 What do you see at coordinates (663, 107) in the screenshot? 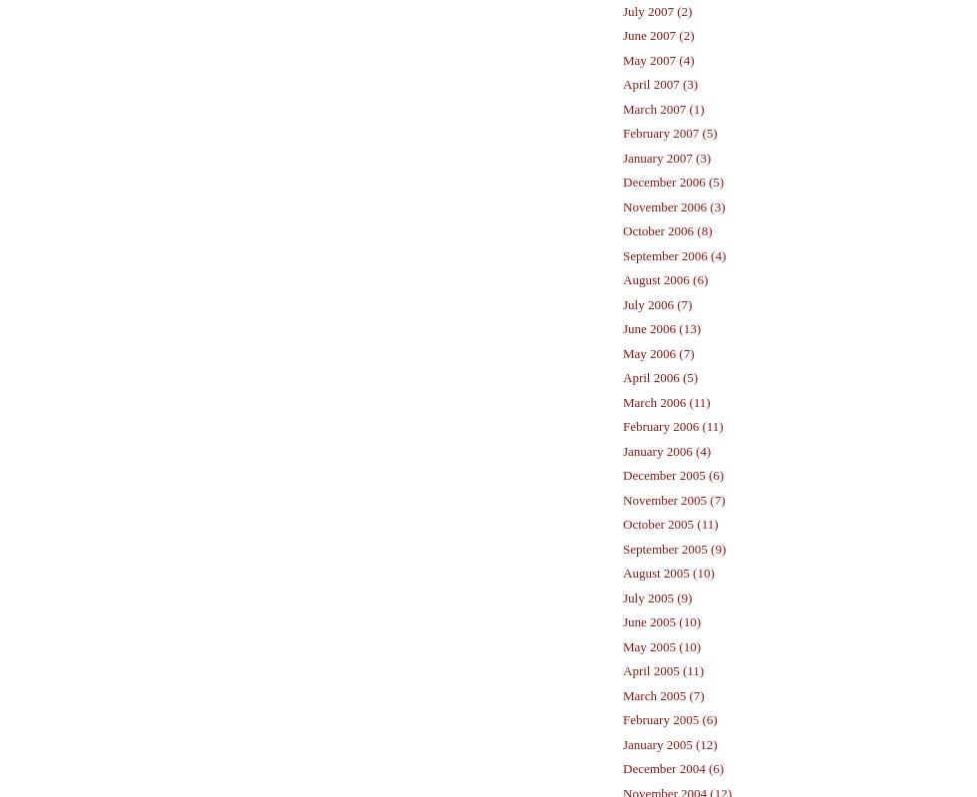
I see `'March 2007 (1)'` at bounding box center [663, 107].